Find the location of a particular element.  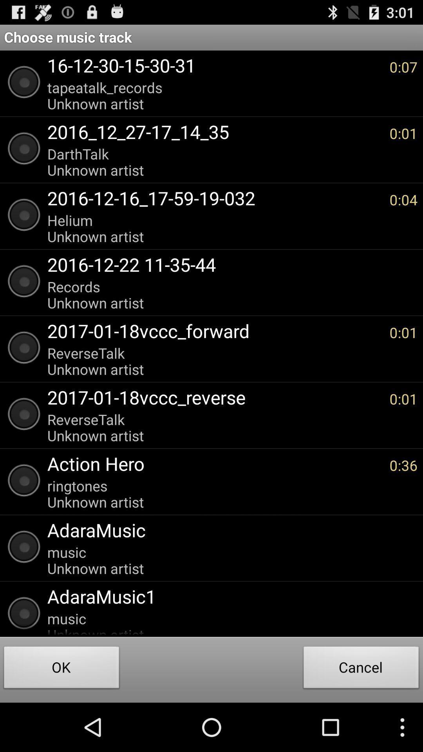

the cancel is located at coordinates (361, 669).